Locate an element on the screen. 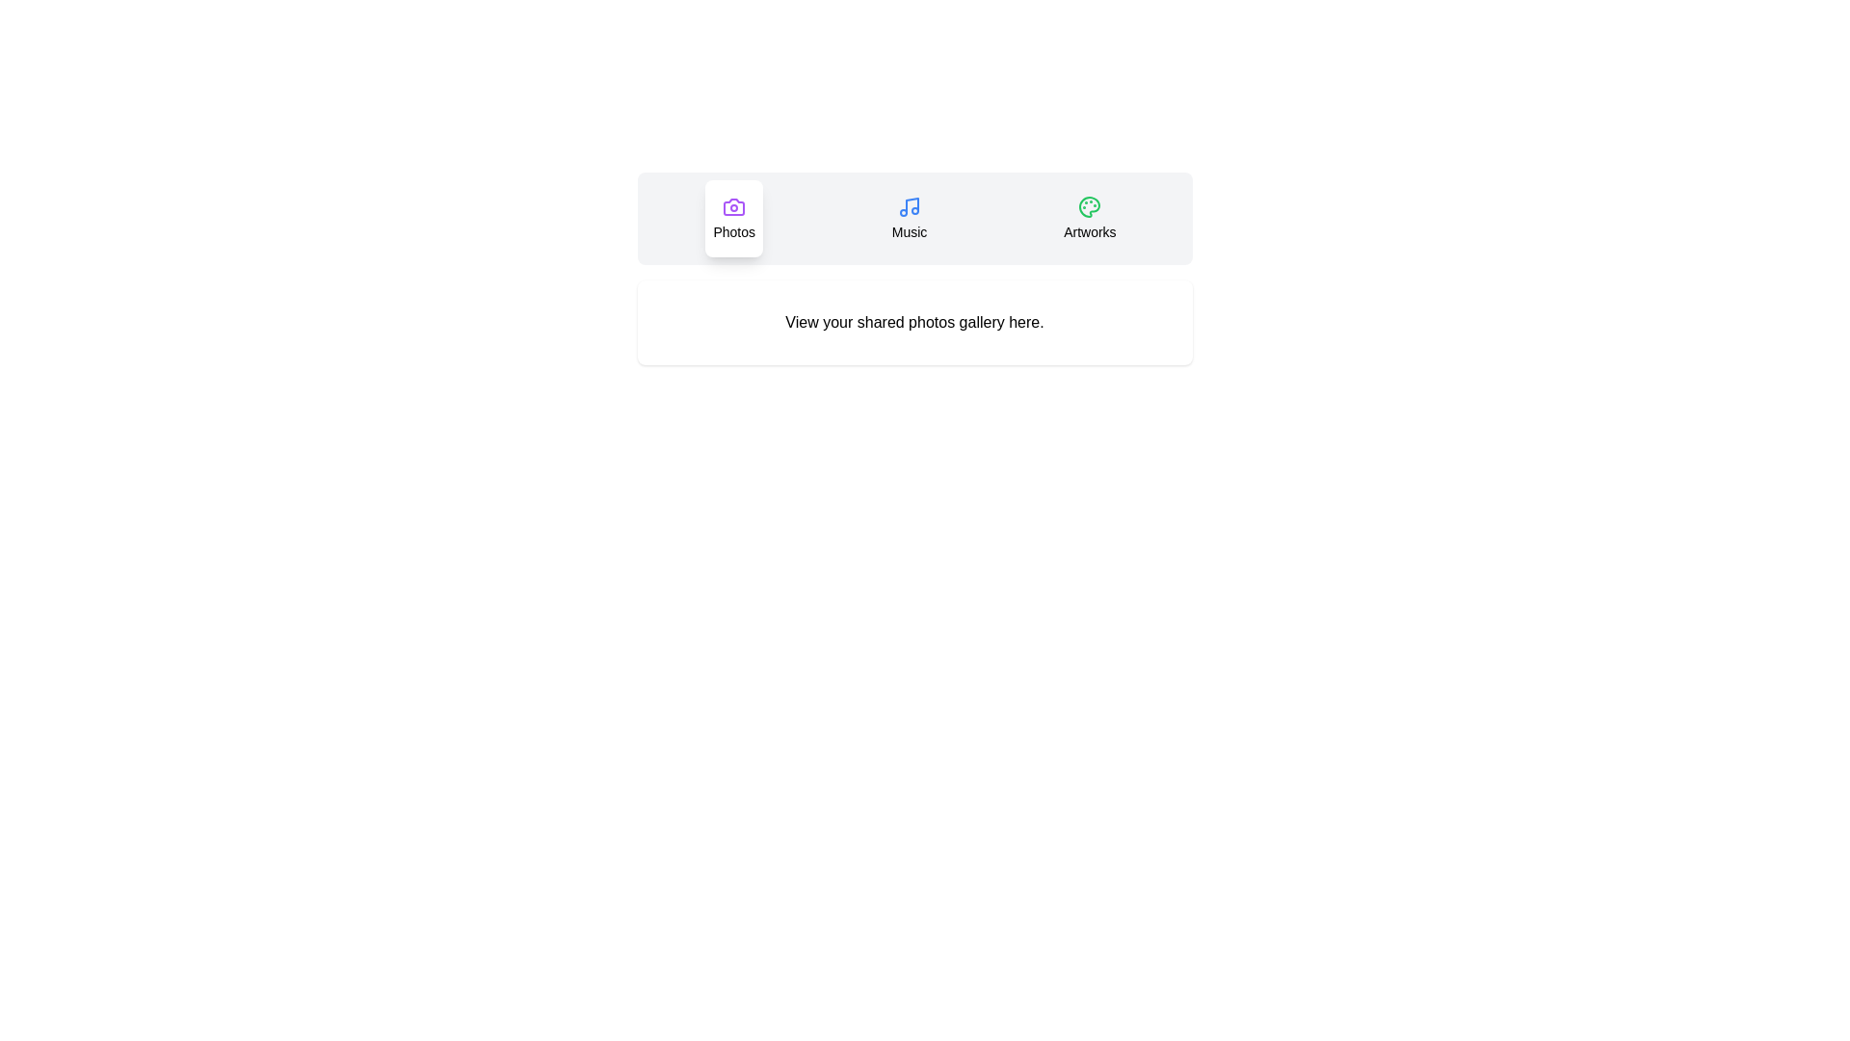  the Artworks tab is located at coordinates (1090, 218).